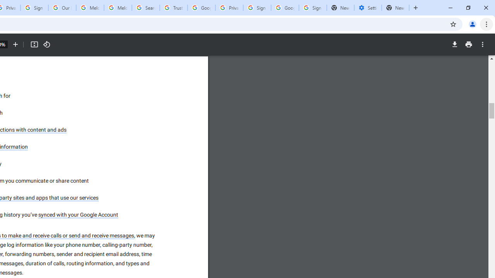 Image resolution: width=495 pixels, height=278 pixels. I want to click on 'Fit to page', so click(34, 44).